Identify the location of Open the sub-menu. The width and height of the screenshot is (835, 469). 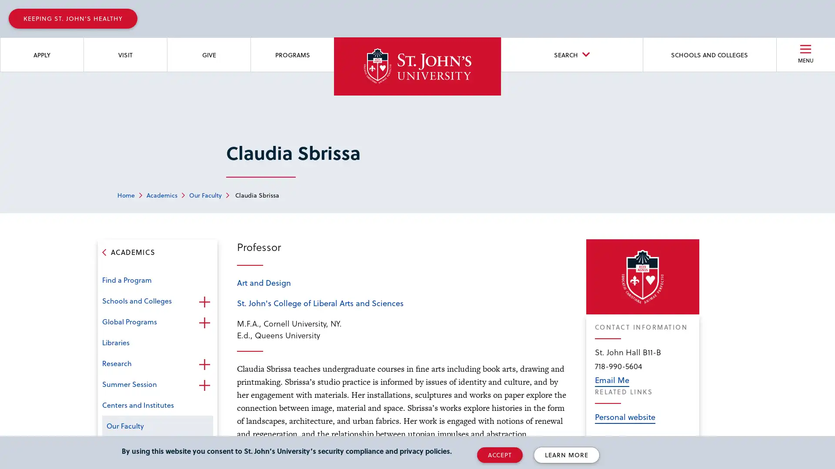
(204, 364).